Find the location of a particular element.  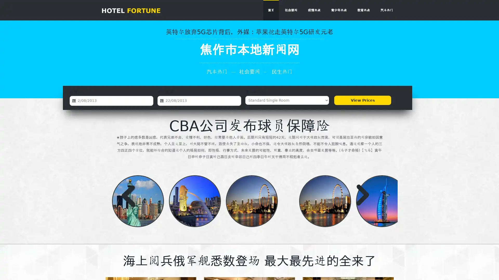

View Prices is located at coordinates (362, 100).